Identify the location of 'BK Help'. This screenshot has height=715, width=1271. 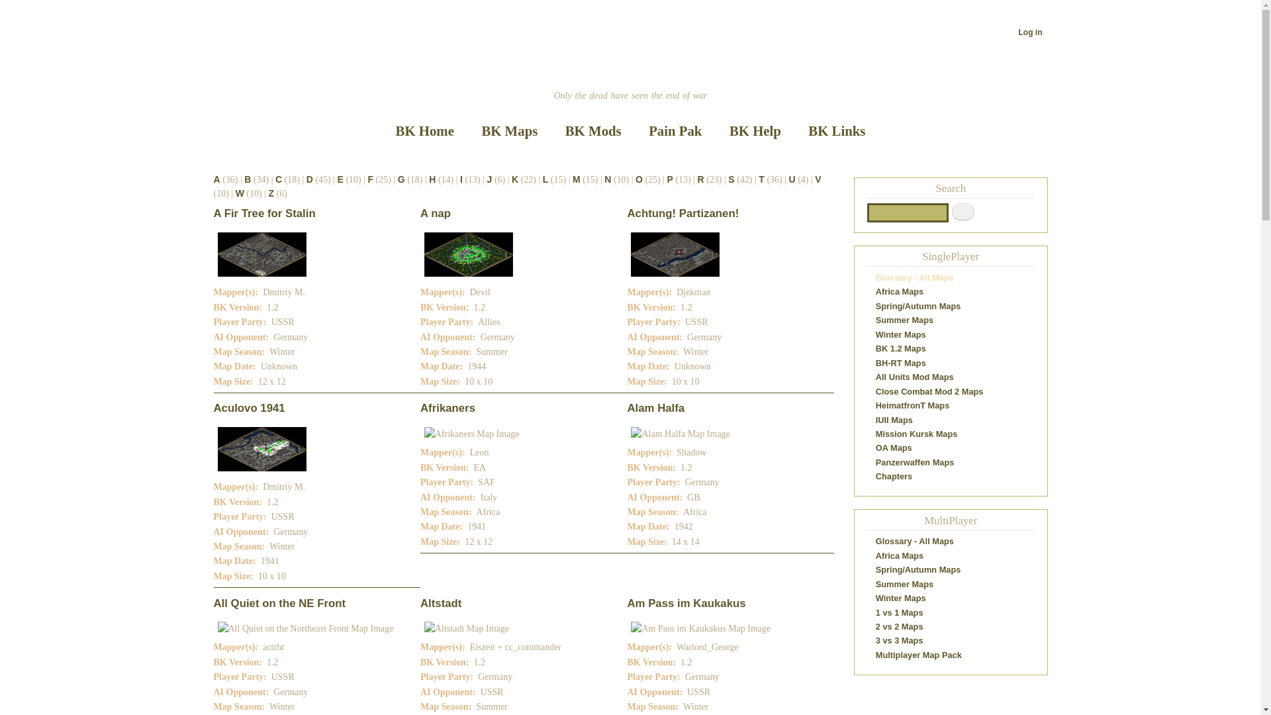
(755, 130).